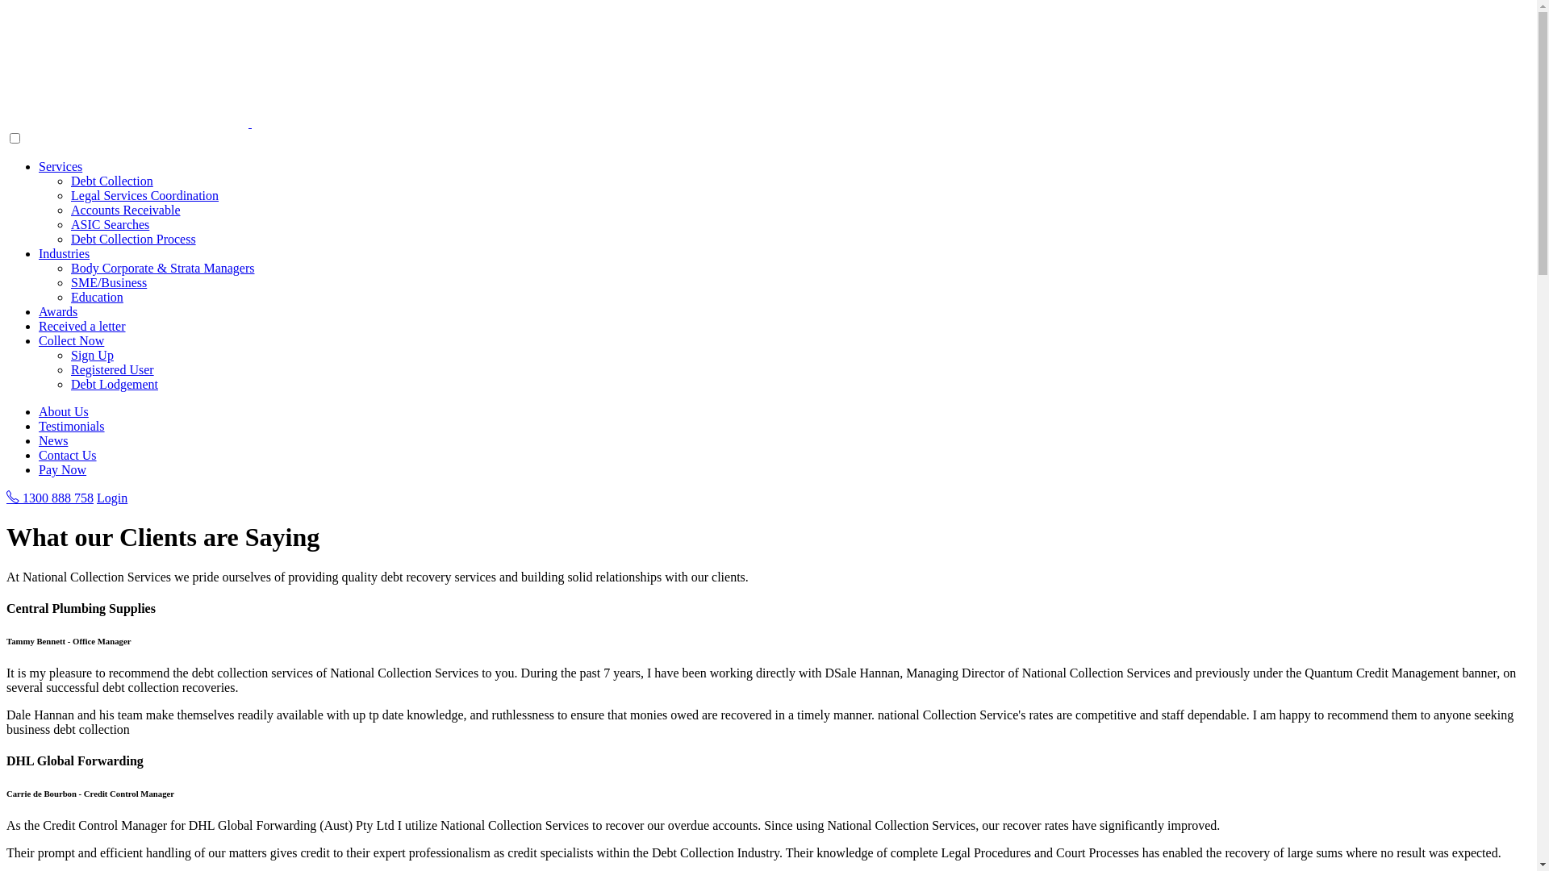  What do you see at coordinates (63, 410) in the screenshot?
I see `'About Us'` at bounding box center [63, 410].